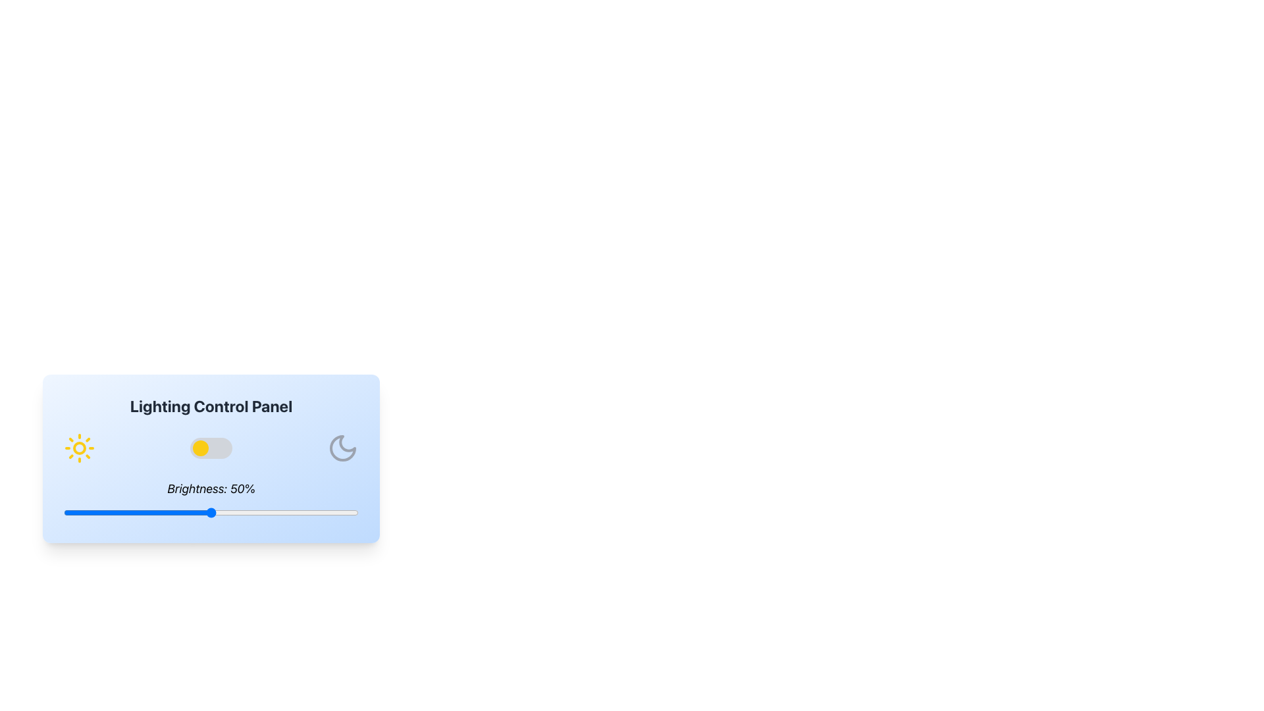 This screenshot has height=711, width=1264. What do you see at coordinates (261, 512) in the screenshot?
I see `the brightness level` at bounding box center [261, 512].